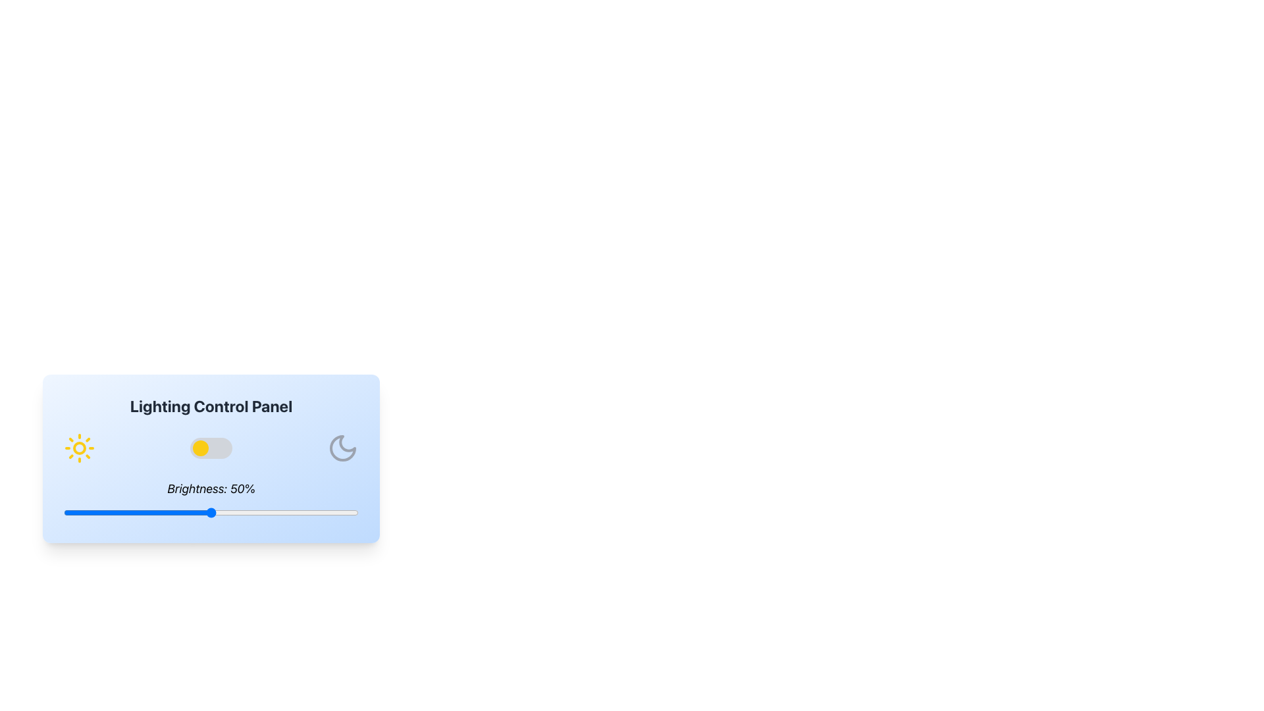 This screenshot has height=711, width=1264. What do you see at coordinates (261, 512) in the screenshot?
I see `the brightness level` at bounding box center [261, 512].